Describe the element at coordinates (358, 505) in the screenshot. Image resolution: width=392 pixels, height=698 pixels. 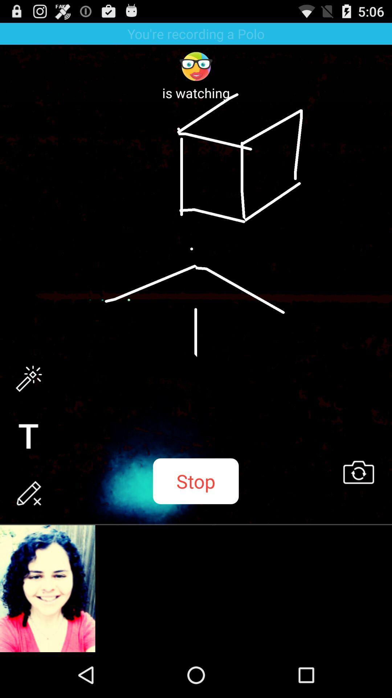
I see `the swap icon` at that location.